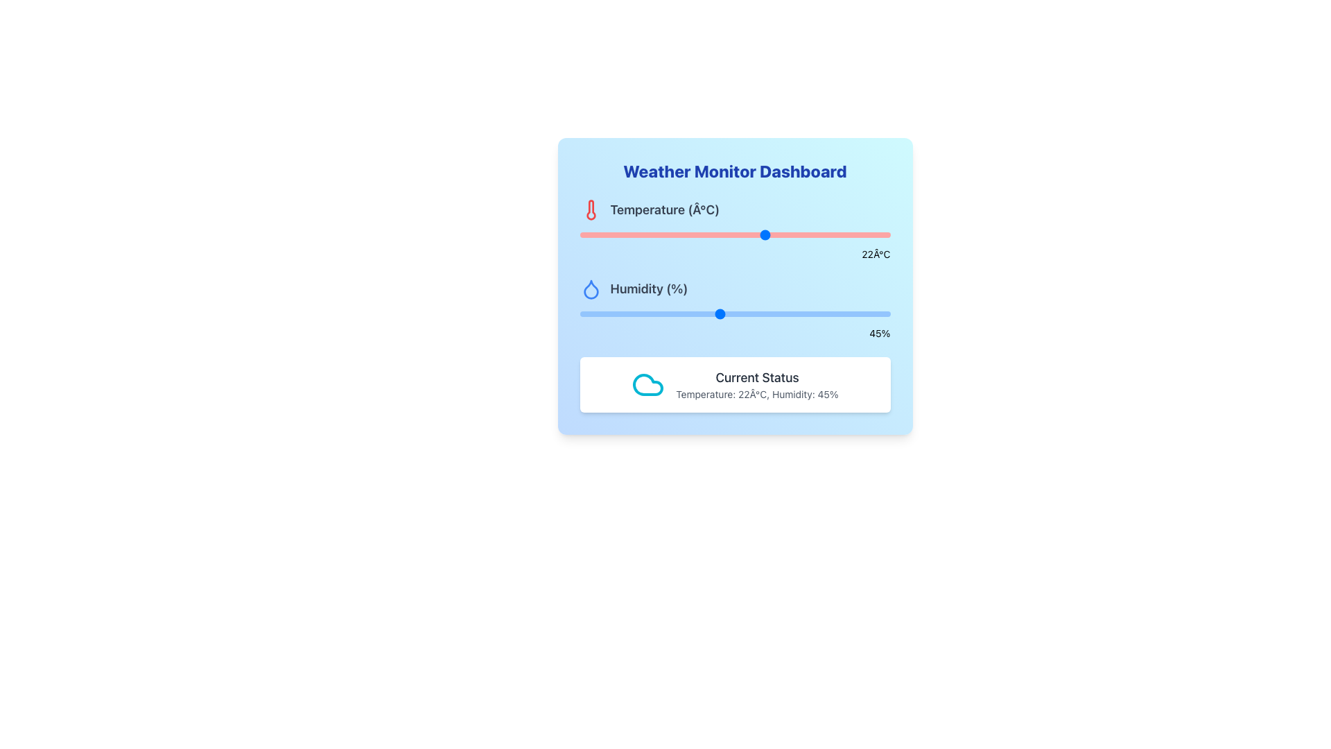  What do you see at coordinates (768, 313) in the screenshot?
I see `the humidity level` at bounding box center [768, 313].